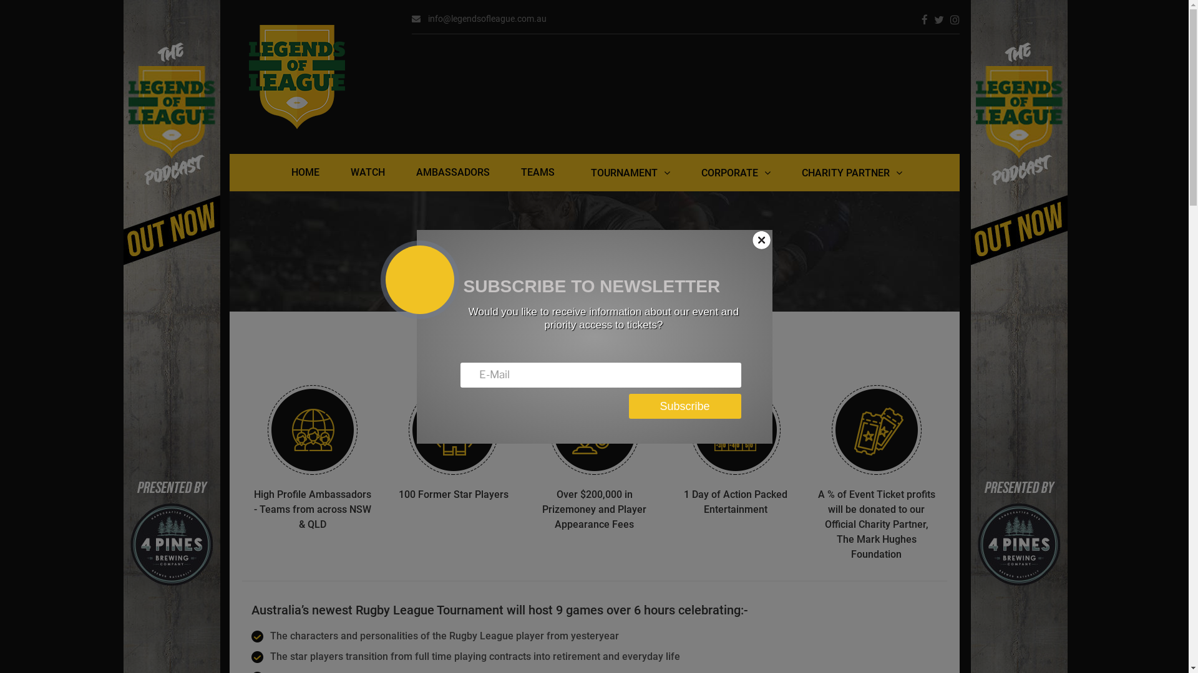  I want to click on 'AMBASSADORS', so click(401, 173).